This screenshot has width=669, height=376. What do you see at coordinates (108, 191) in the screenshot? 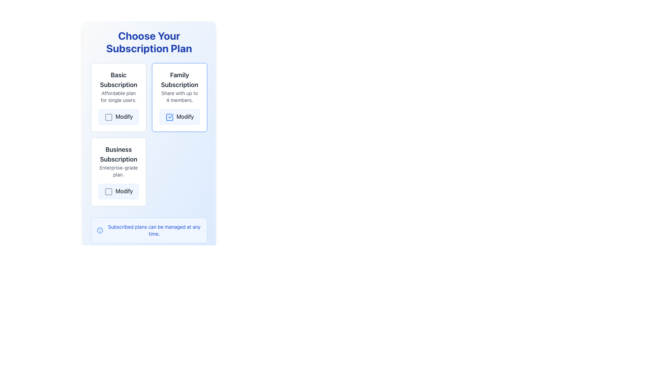
I see `the icon within the 'Modify' button for the 'Business Subscription' plan, located in the bottom-left area of the subscription plans list` at bounding box center [108, 191].